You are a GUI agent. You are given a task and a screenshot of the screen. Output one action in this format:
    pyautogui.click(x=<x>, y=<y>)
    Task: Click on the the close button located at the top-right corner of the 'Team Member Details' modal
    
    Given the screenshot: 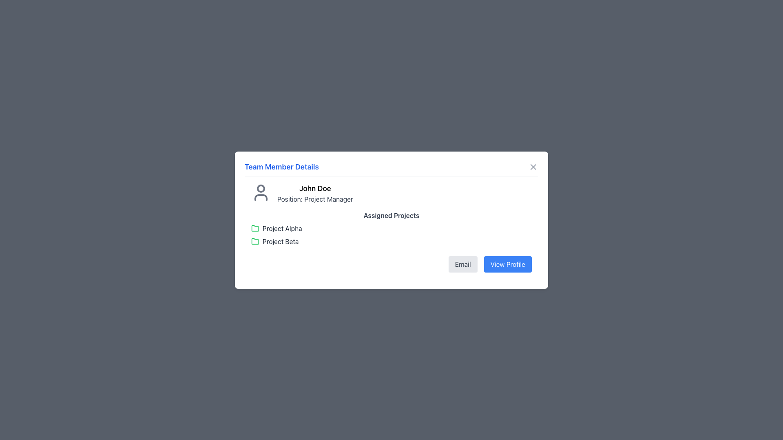 What is the action you would take?
    pyautogui.click(x=533, y=166)
    